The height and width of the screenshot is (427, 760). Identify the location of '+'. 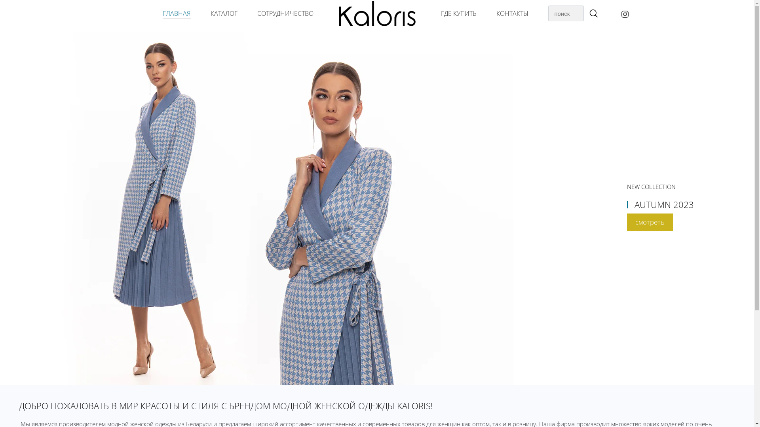
(593, 14).